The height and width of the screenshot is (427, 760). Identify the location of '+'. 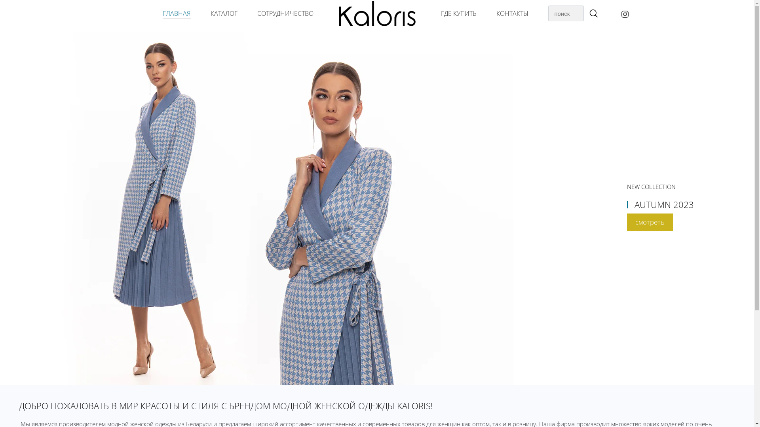
(593, 14).